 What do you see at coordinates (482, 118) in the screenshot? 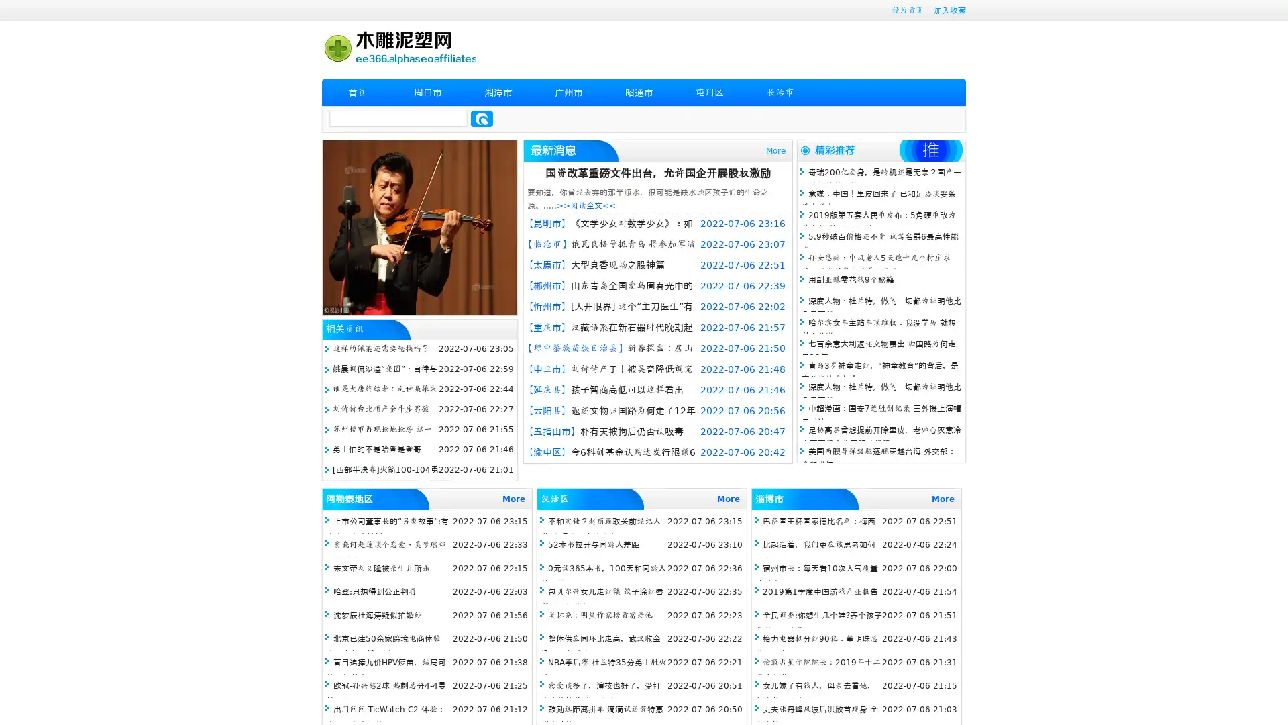
I see `Search` at bounding box center [482, 118].